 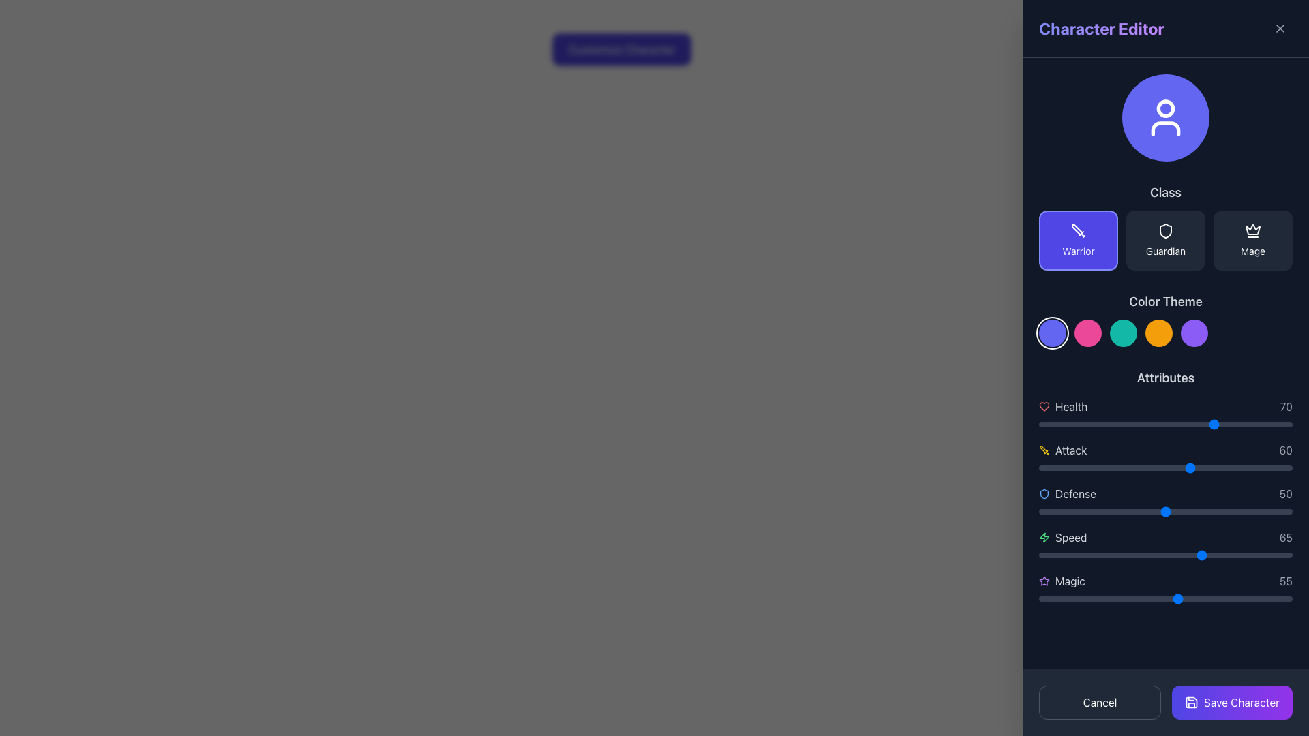 I want to click on the cancel button located at the bottom-left corner of the interface to observe a color change, so click(x=1100, y=702).